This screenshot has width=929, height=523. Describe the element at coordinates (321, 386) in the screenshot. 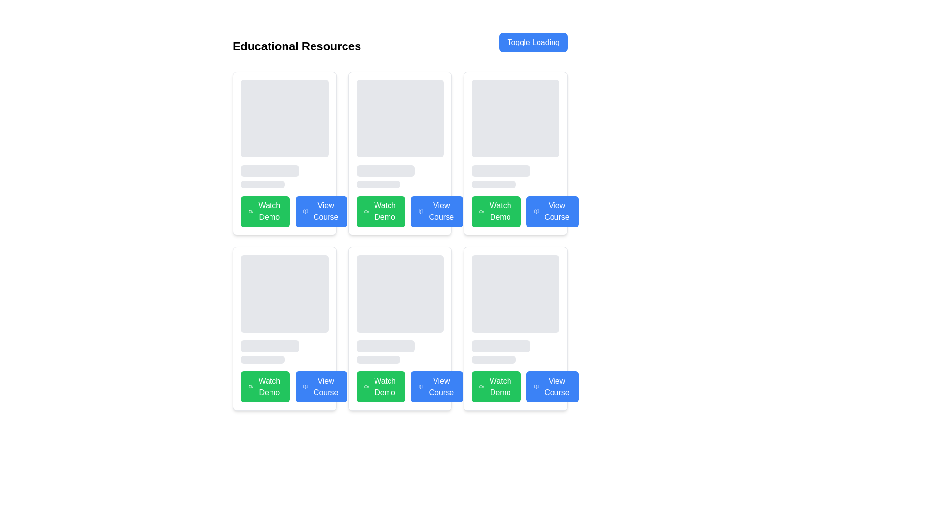

I see `the button located in the bottom row of the grid layout, specifically the second card from the left` at that location.